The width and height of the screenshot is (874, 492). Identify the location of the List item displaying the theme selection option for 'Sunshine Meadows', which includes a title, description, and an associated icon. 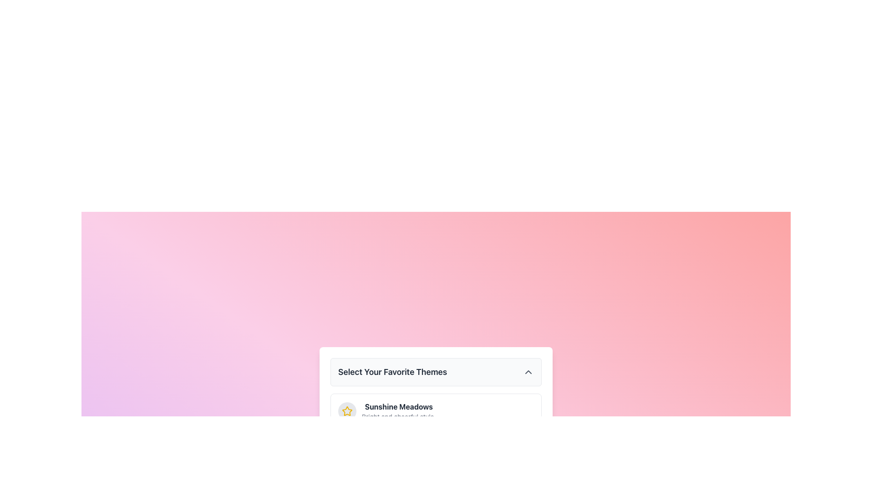
(387, 411).